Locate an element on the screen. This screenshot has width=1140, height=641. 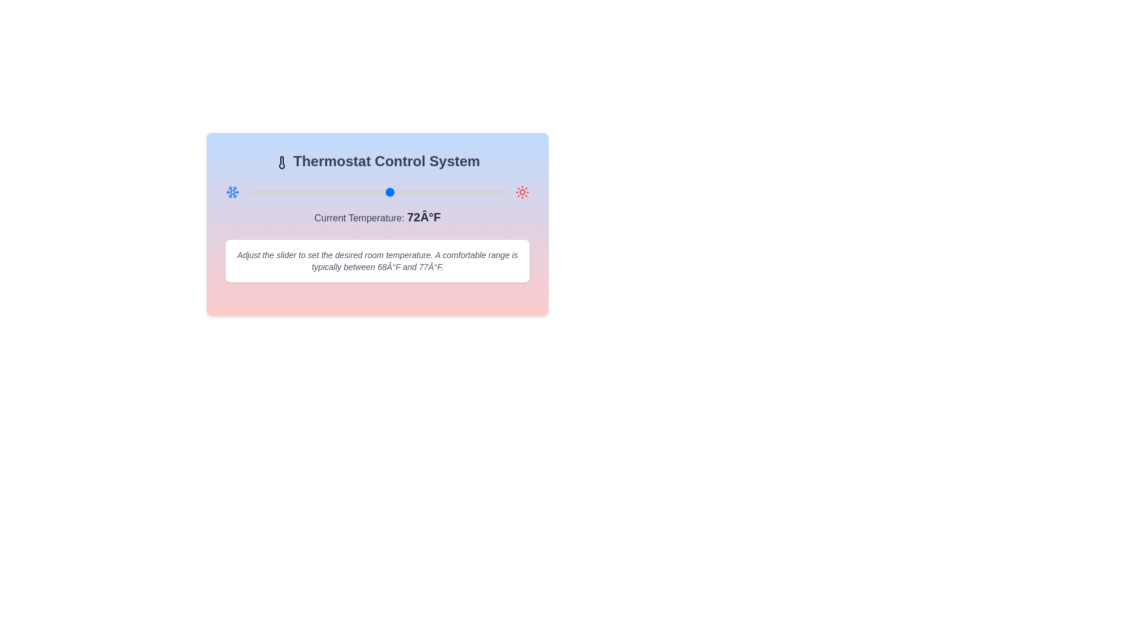
the temperature slider to set the temperature to 75°F is located at coordinates (410, 192).